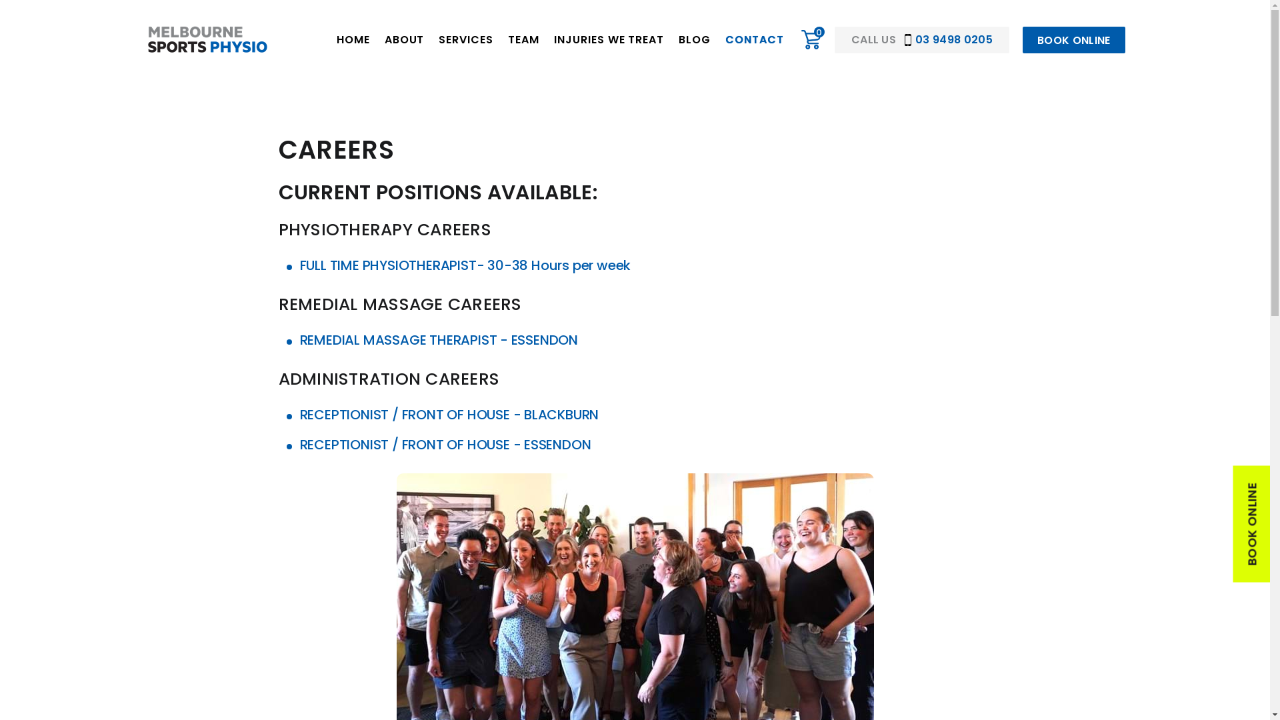 Image resolution: width=1280 pixels, height=720 pixels. I want to click on 'BOOK ONLINE', so click(1074, 39).